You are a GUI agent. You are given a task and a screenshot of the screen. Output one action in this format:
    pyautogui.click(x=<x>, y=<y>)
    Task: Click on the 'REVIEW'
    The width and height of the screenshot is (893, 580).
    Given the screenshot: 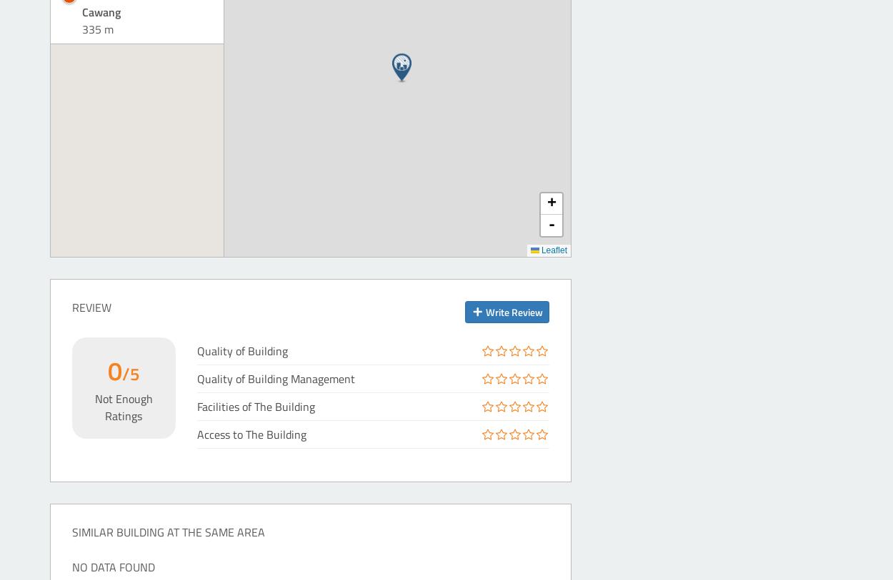 What is the action you would take?
    pyautogui.click(x=71, y=306)
    